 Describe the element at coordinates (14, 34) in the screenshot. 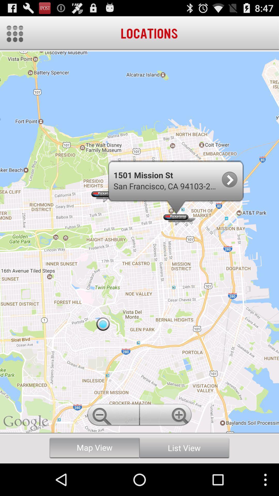

I see `menu` at that location.